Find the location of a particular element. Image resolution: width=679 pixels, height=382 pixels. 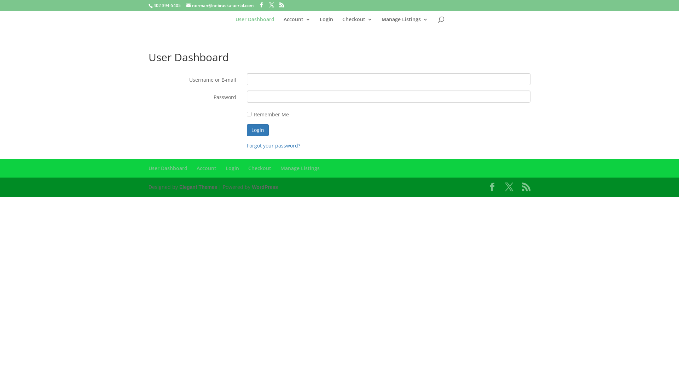

'Manage Listings' is located at coordinates (300, 168).